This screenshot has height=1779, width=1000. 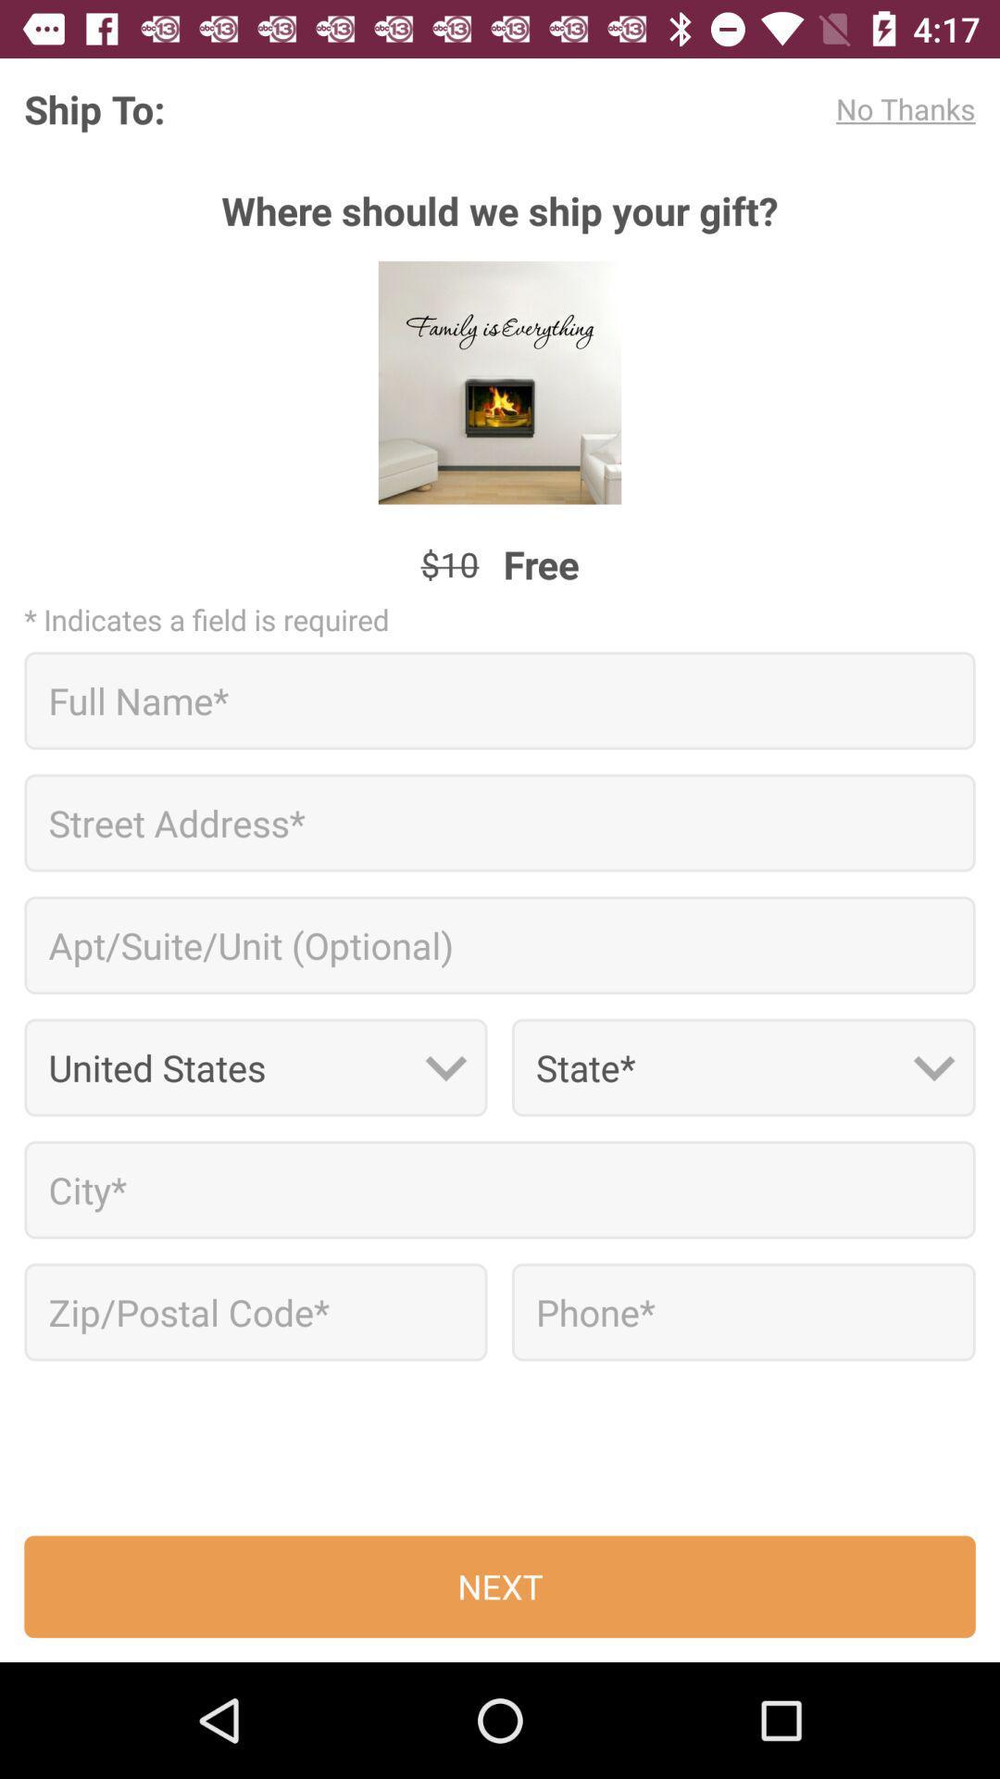 I want to click on street address, so click(x=500, y=822).